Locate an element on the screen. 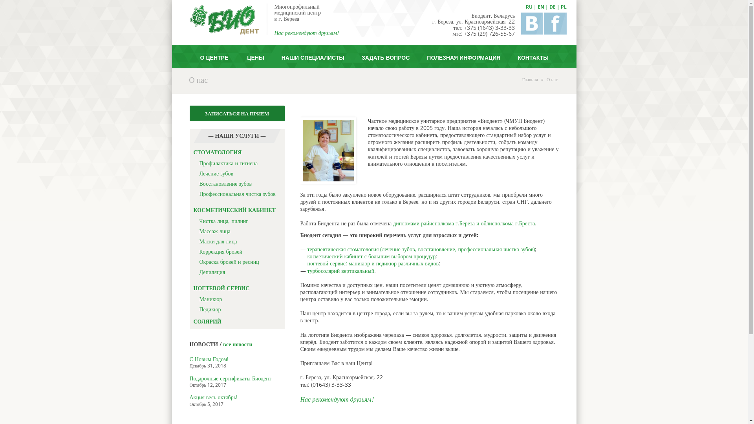 The height and width of the screenshot is (424, 754). 'PL' is located at coordinates (563, 7).